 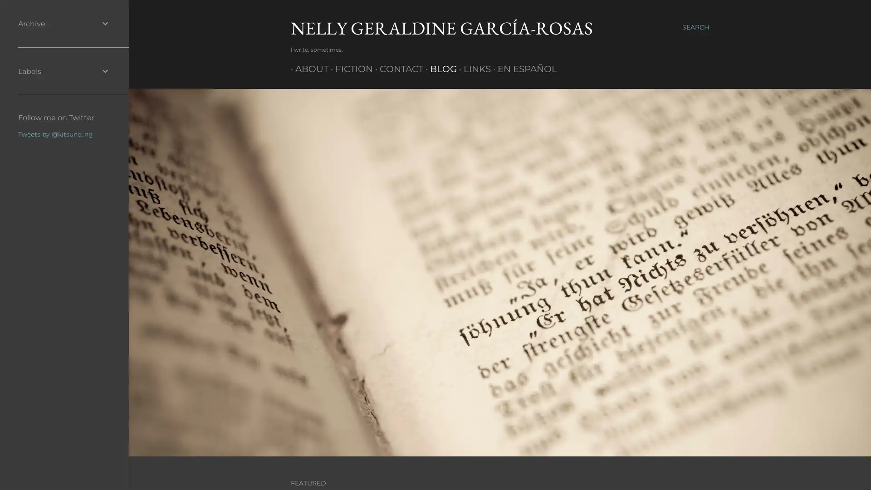 What do you see at coordinates (695, 27) in the screenshot?
I see `Search` at bounding box center [695, 27].